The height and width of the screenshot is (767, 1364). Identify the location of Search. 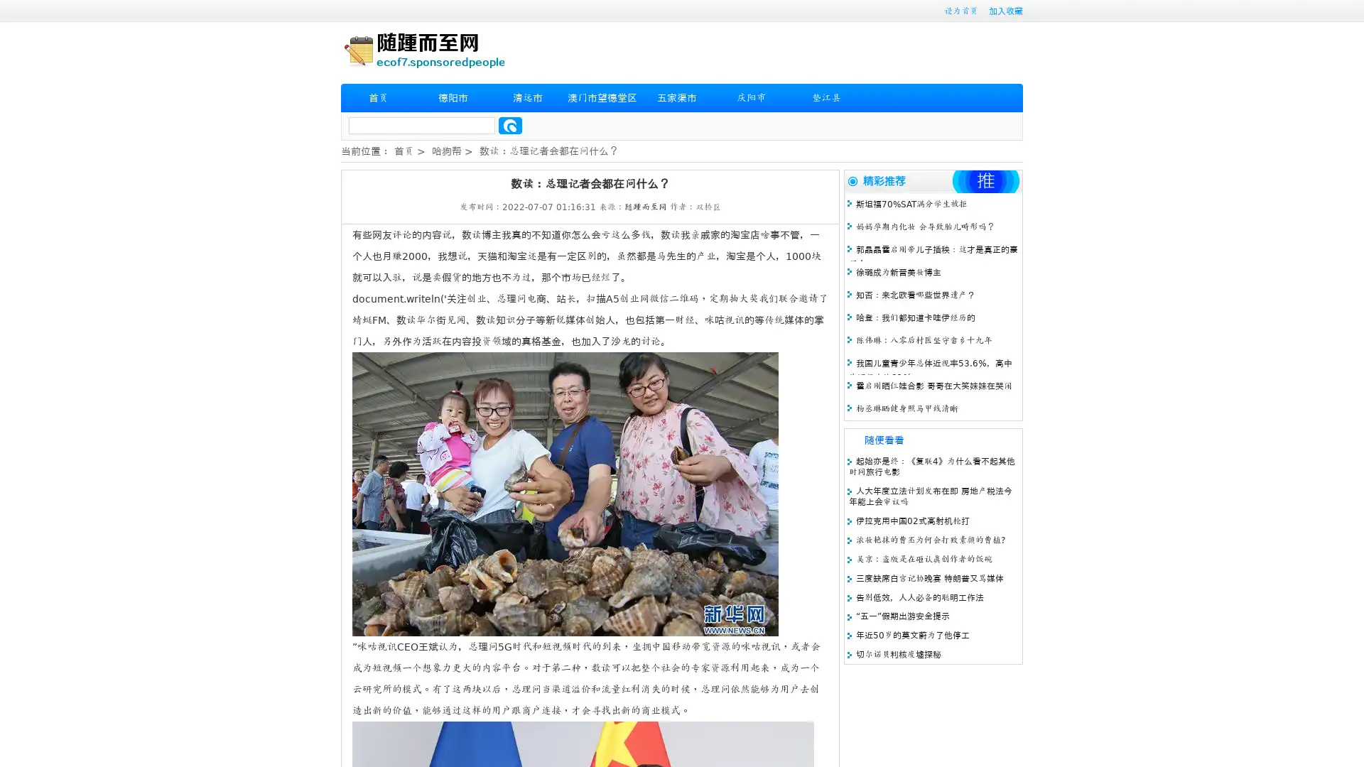
(510, 125).